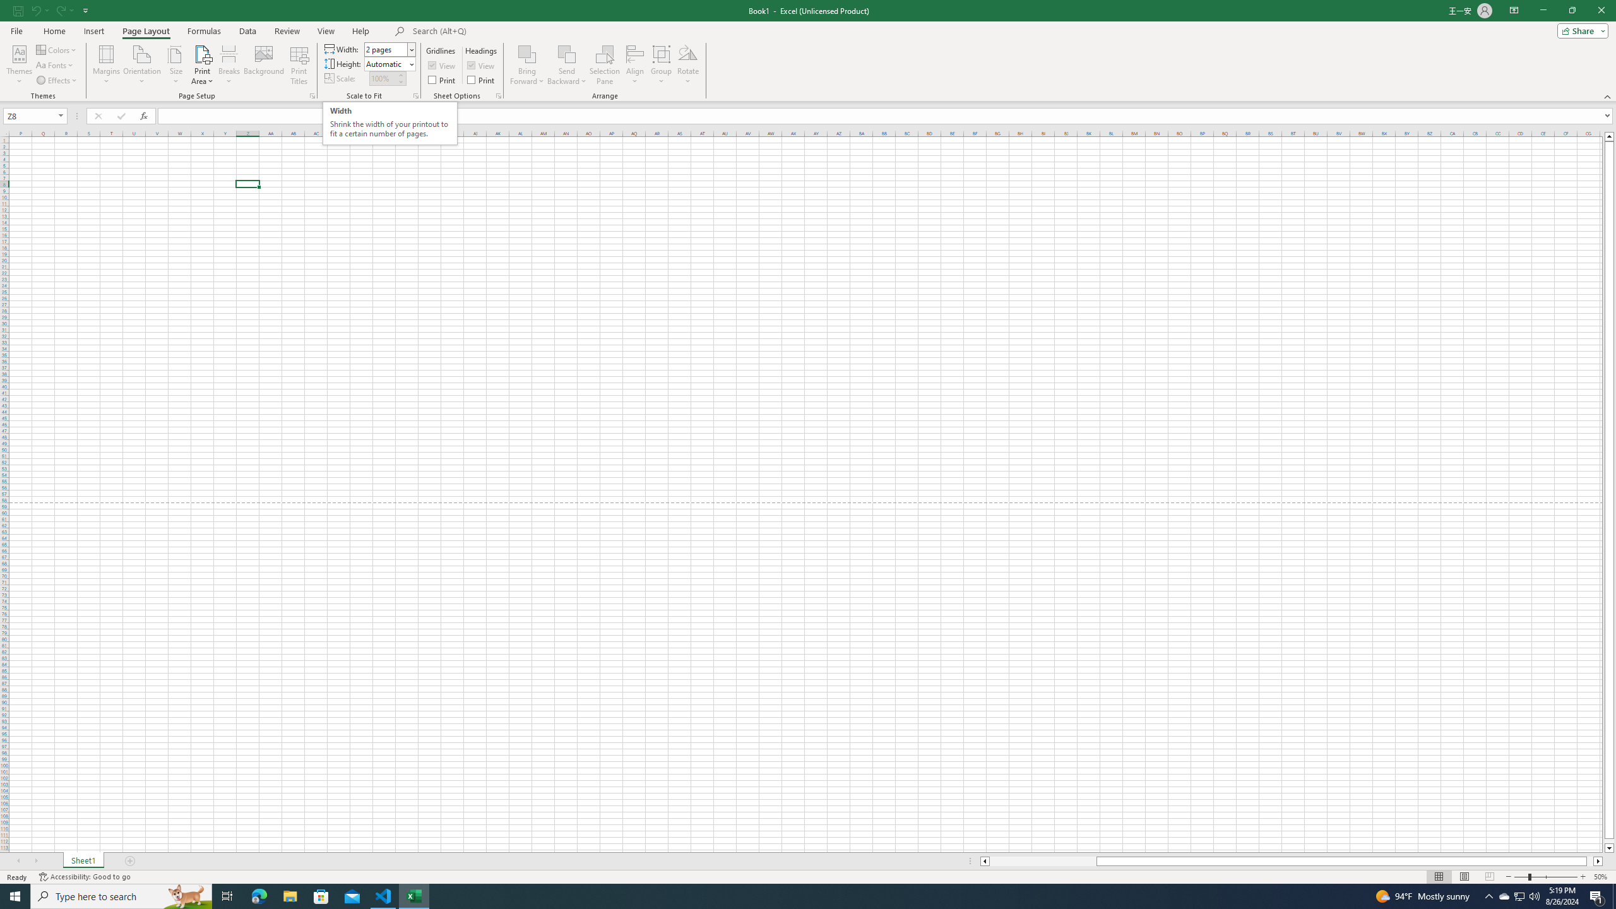 The width and height of the screenshot is (1616, 909). I want to click on 'Column right', so click(1598, 860).